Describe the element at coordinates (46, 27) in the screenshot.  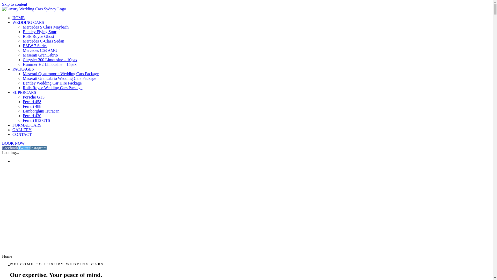
I see `'Mercedes S Class Maybach'` at that location.